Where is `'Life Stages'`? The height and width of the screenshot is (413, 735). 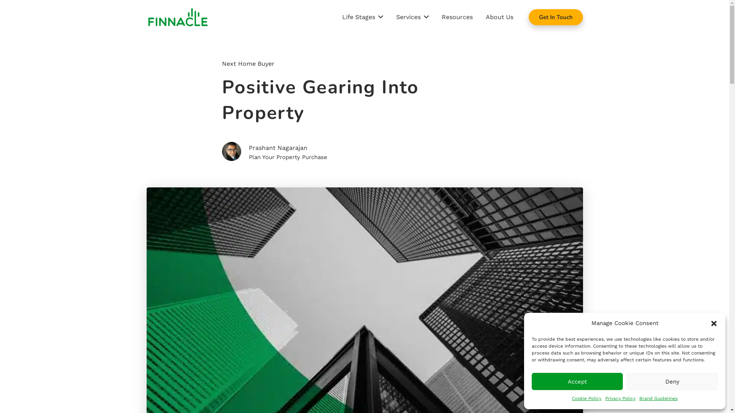 'Life Stages' is located at coordinates (335, 17).